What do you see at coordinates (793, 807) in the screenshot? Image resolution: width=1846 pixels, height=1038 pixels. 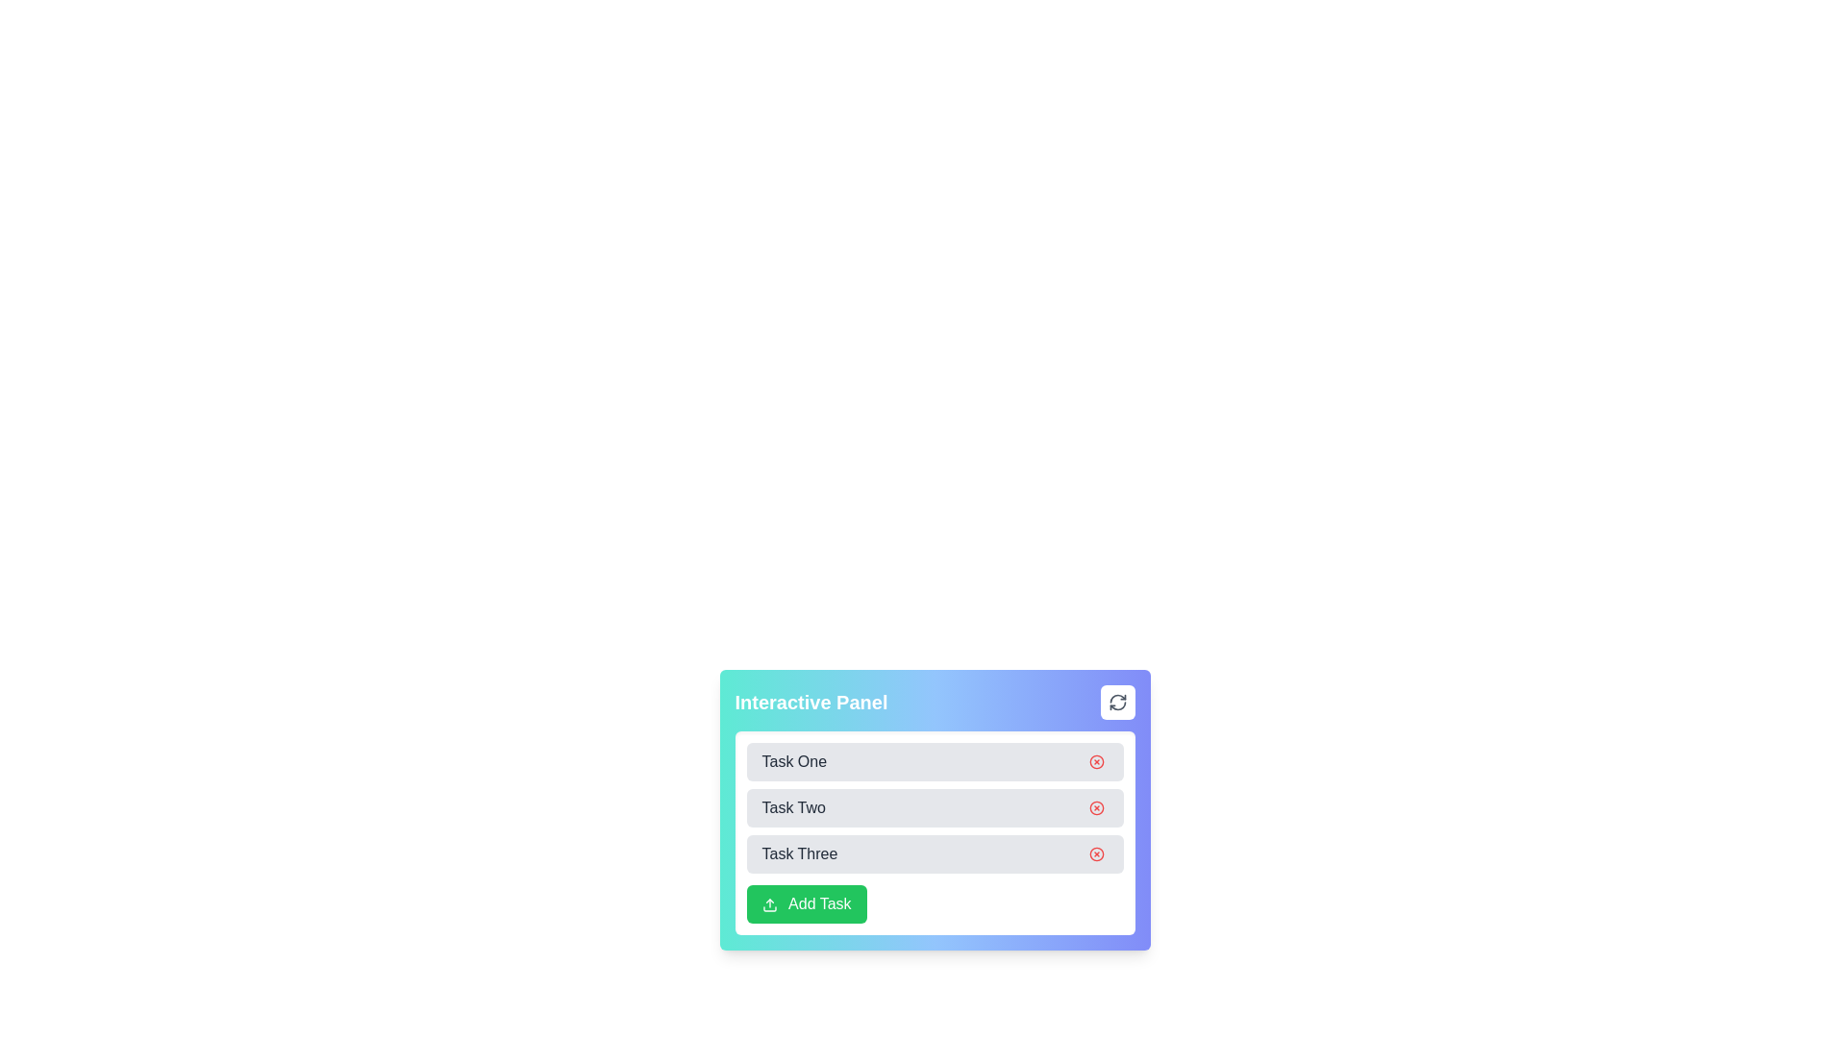 I see `the text label displaying 'Task Two', which is styled in bold dark gray font against a light gray background, located in the second row of the task list` at bounding box center [793, 807].